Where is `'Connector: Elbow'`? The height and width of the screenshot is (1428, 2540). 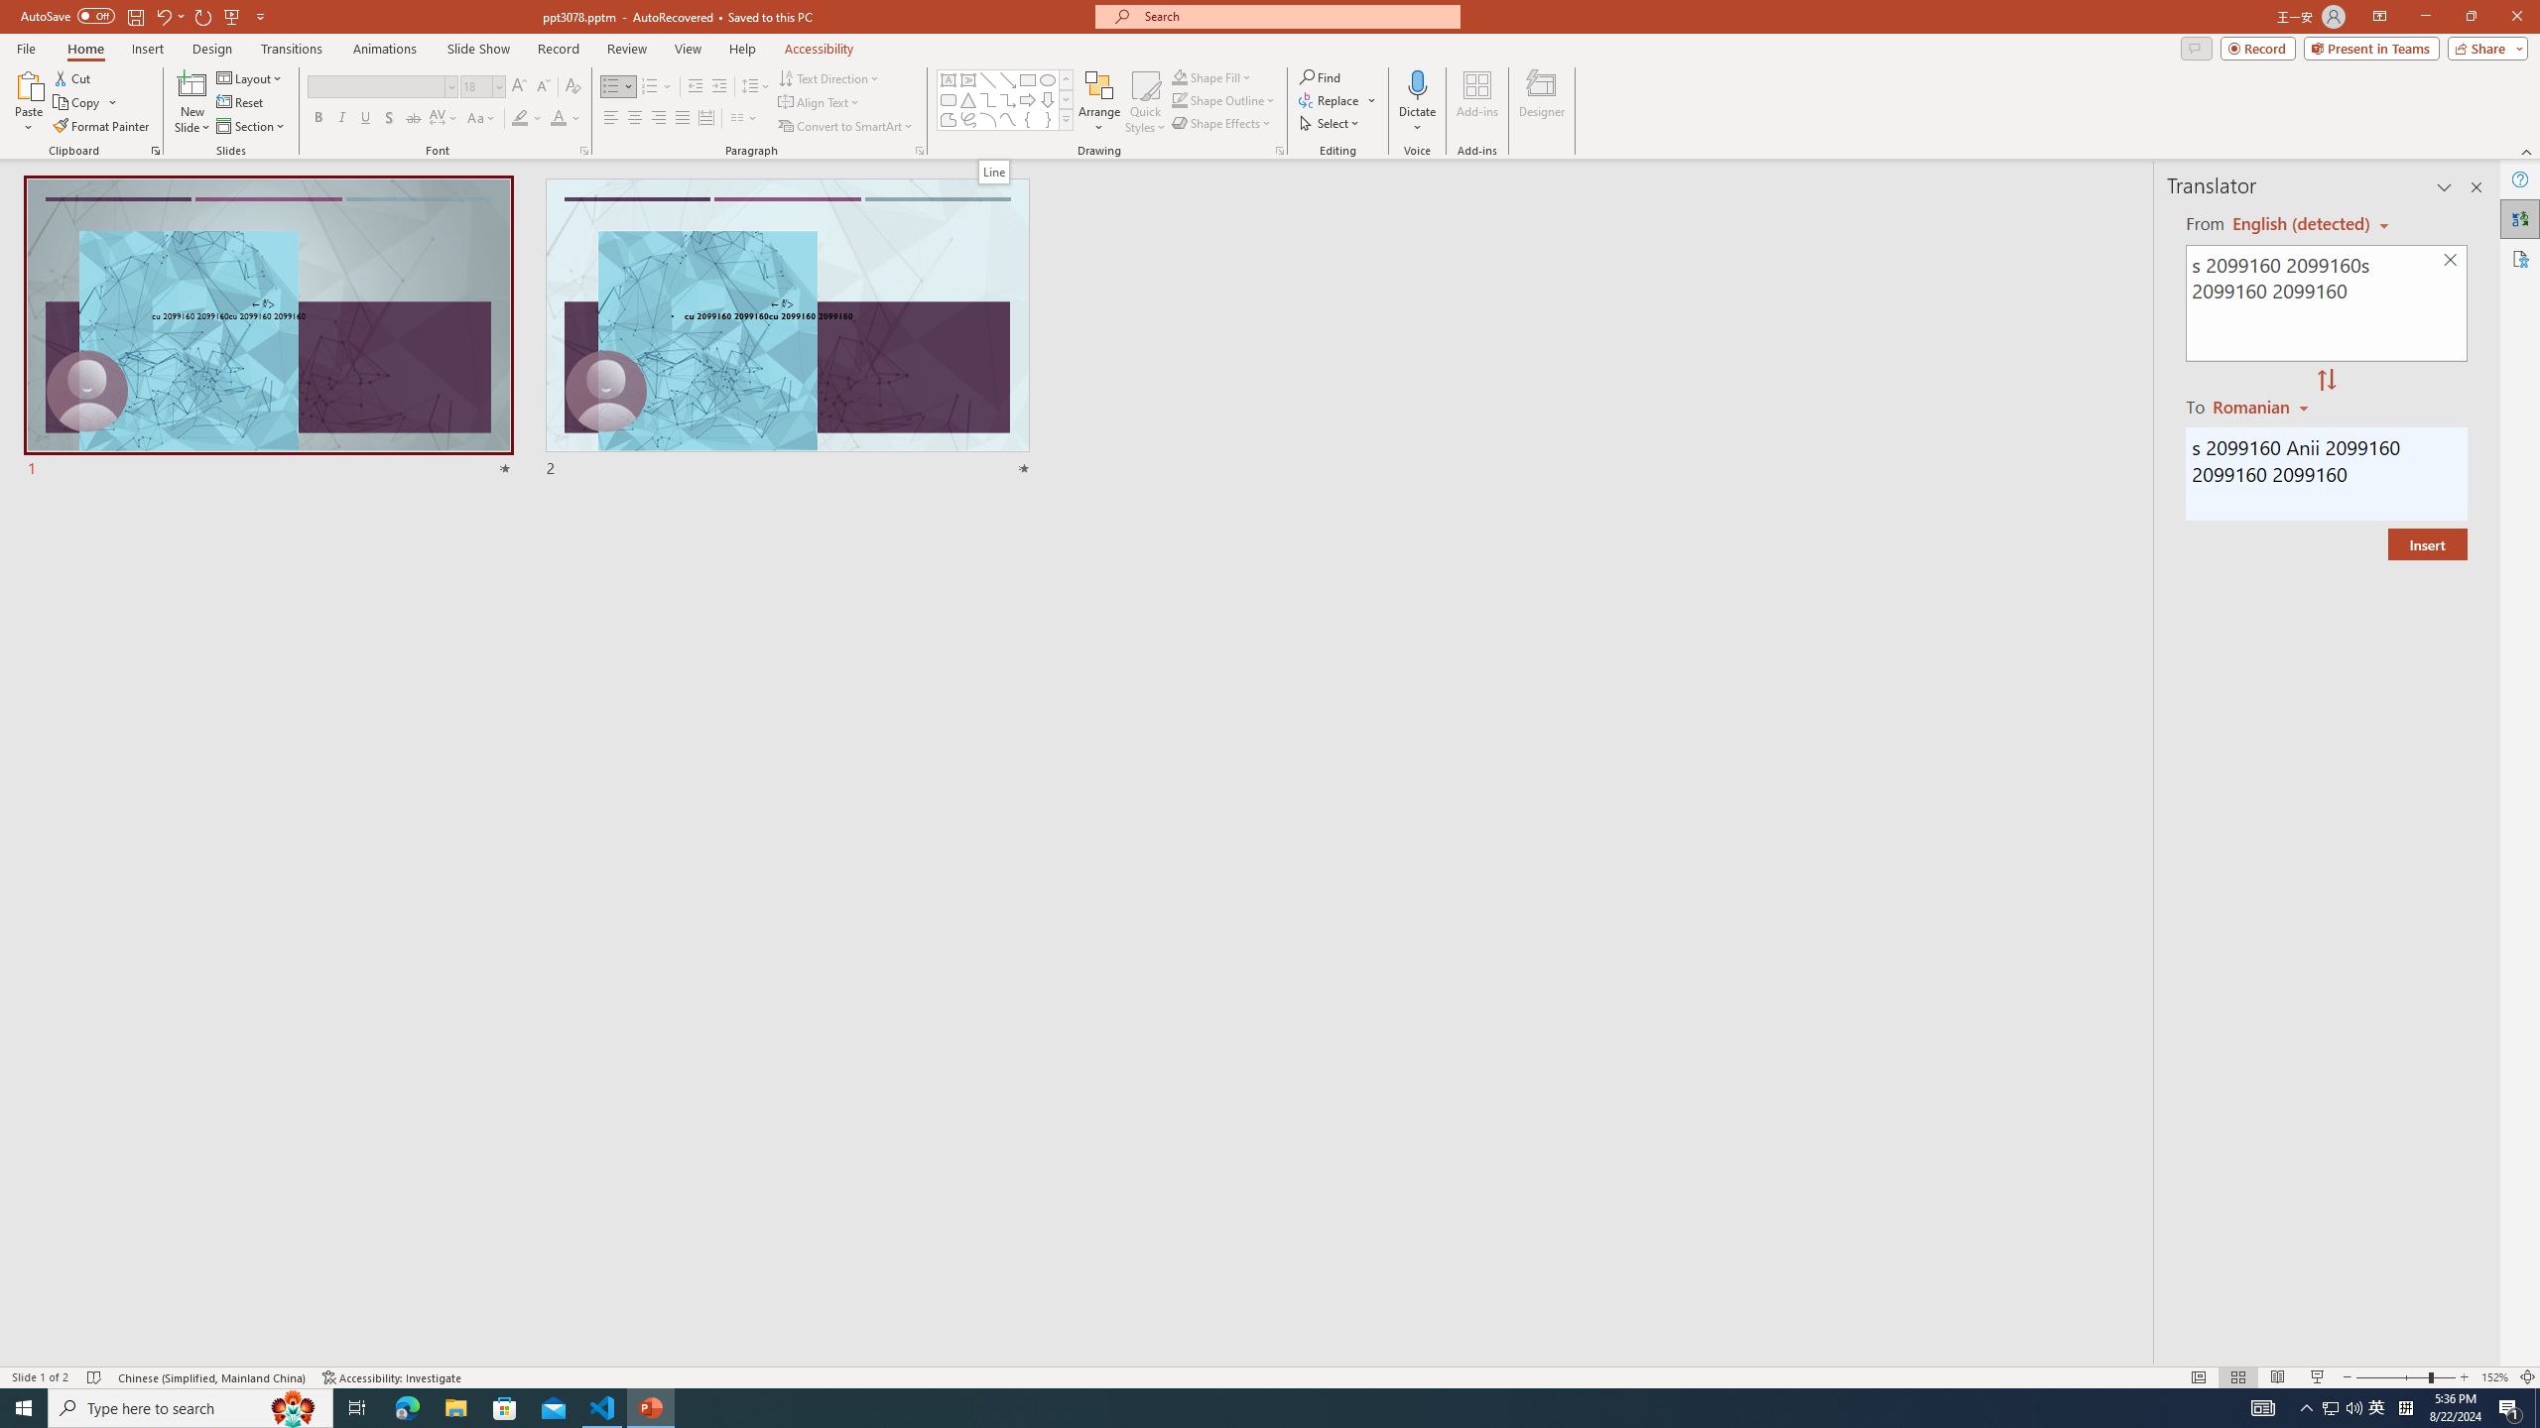
'Connector: Elbow' is located at coordinates (986, 98).